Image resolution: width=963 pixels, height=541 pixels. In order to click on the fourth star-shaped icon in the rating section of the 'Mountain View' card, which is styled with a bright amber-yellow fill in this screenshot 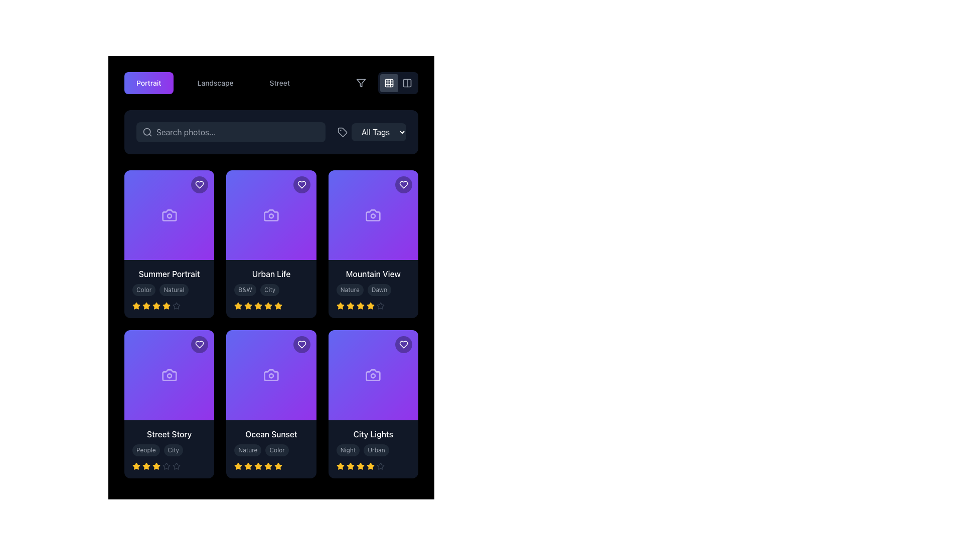, I will do `click(370, 306)`.